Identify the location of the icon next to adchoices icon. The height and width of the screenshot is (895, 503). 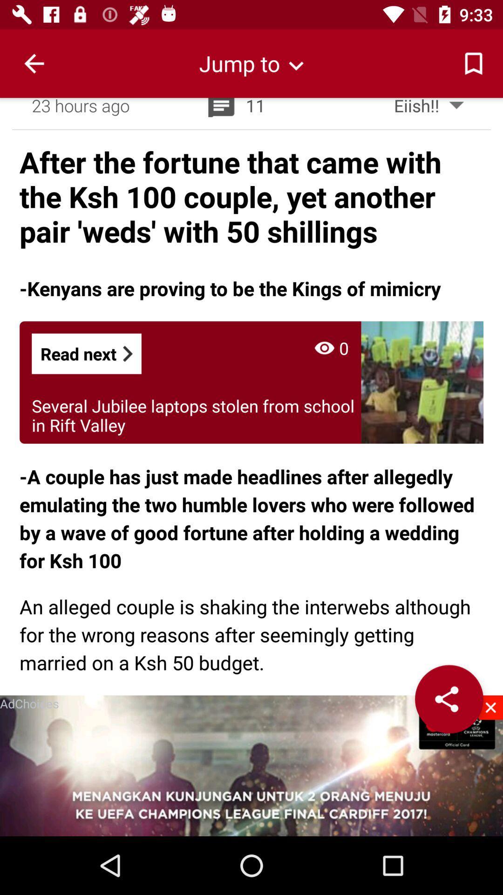
(490, 707).